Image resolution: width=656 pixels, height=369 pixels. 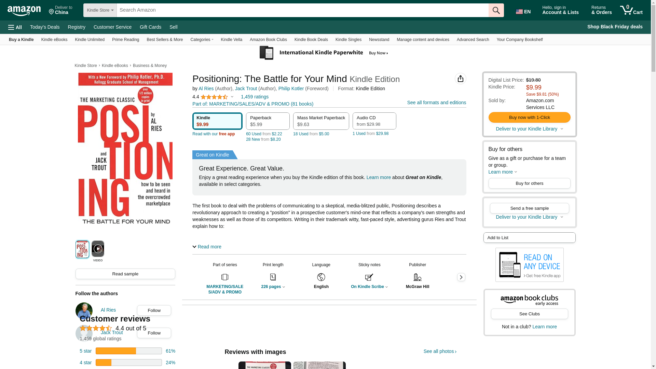 I want to click on '1,459 ratings', so click(x=254, y=96).